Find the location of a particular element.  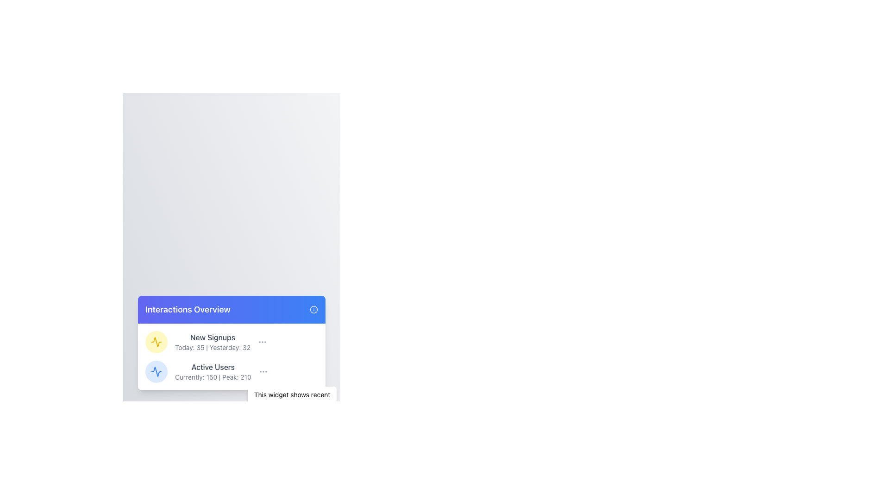

the Information panel that displays statistical information about system usage, including new signups and active users, located below the title bar labeled 'Interactions Overview' is located at coordinates (232, 356).